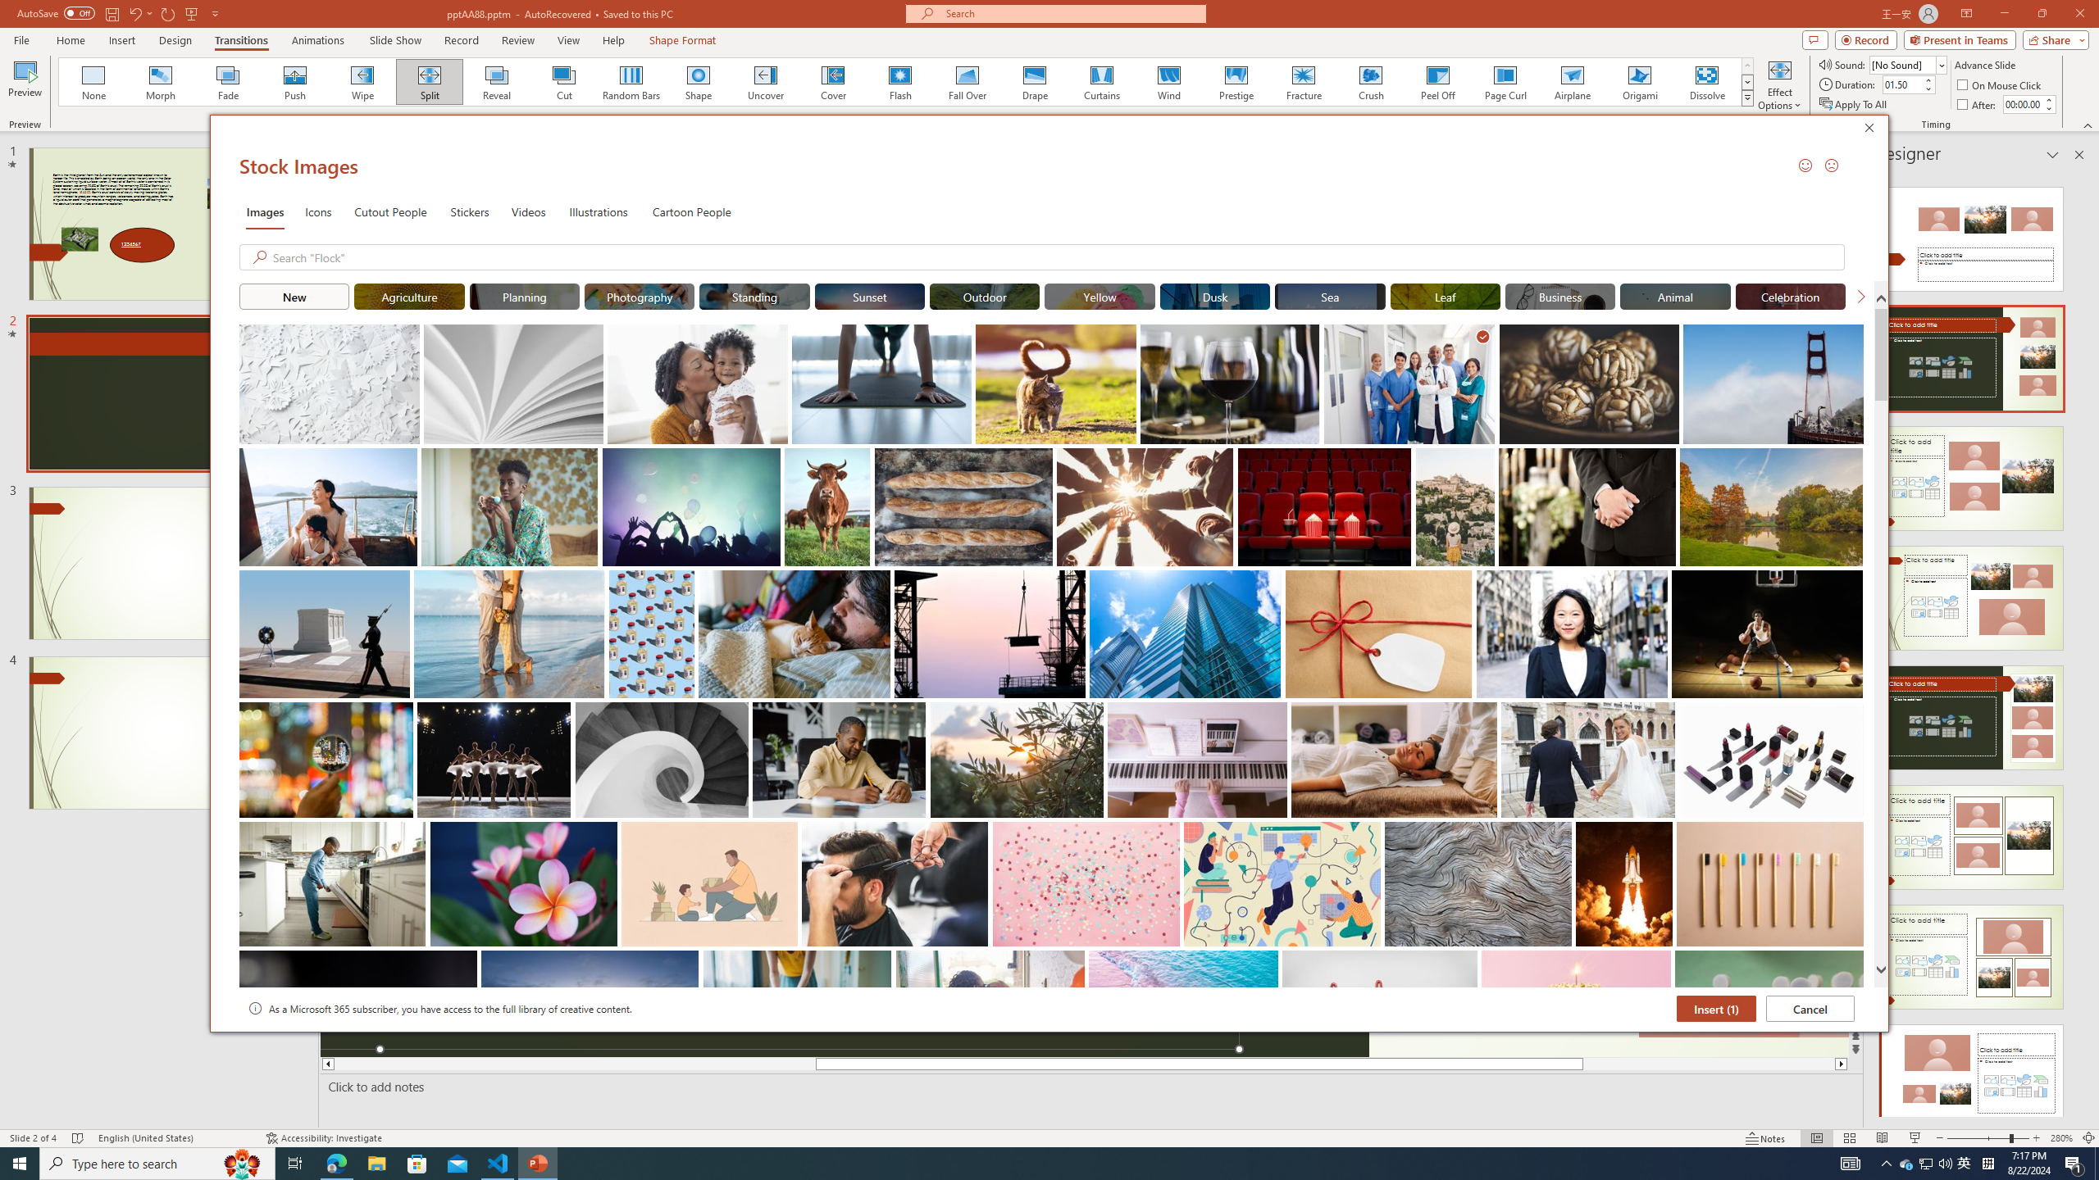  What do you see at coordinates (362, 81) in the screenshot?
I see `'Wipe'` at bounding box center [362, 81].